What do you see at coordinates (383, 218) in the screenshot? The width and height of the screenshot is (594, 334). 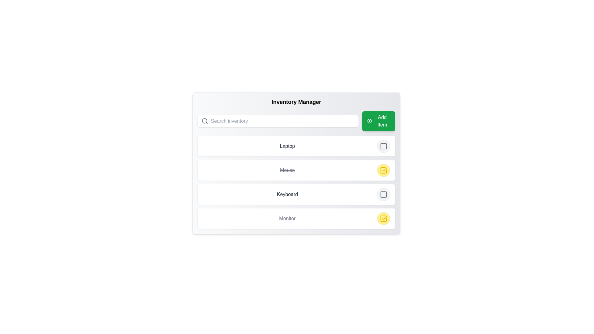 I see `the circular button with a yellow background and a checkmark icon` at bounding box center [383, 218].